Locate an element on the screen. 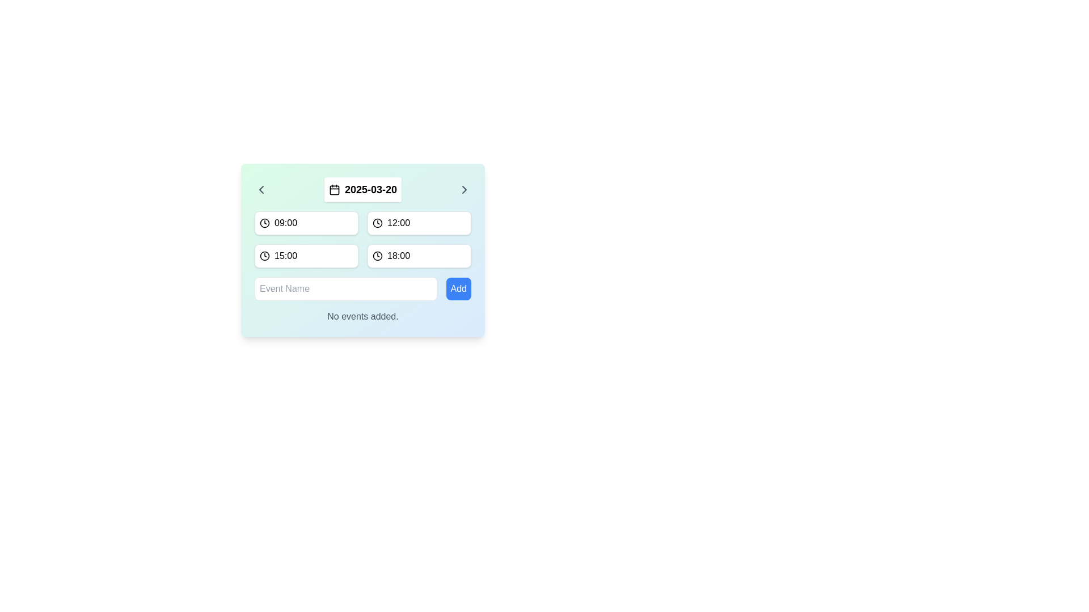 This screenshot has height=612, width=1089. the SVG Circle that serves as the main body of the clock icon, located to the left of the '09:00' text input field is located at coordinates (264, 223).